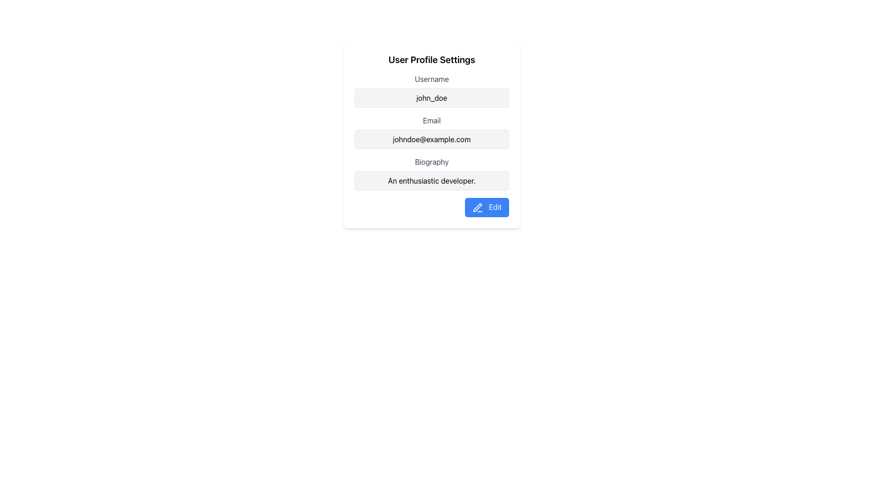 Image resolution: width=883 pixels, height=497 pixels. Describe the element at coordinates (431, 173) in the screenshot. I see `the Static content display area that shows the user's biography, located in the User Profile Settings card, positioned below the Email section and above the Edit button` at that location.